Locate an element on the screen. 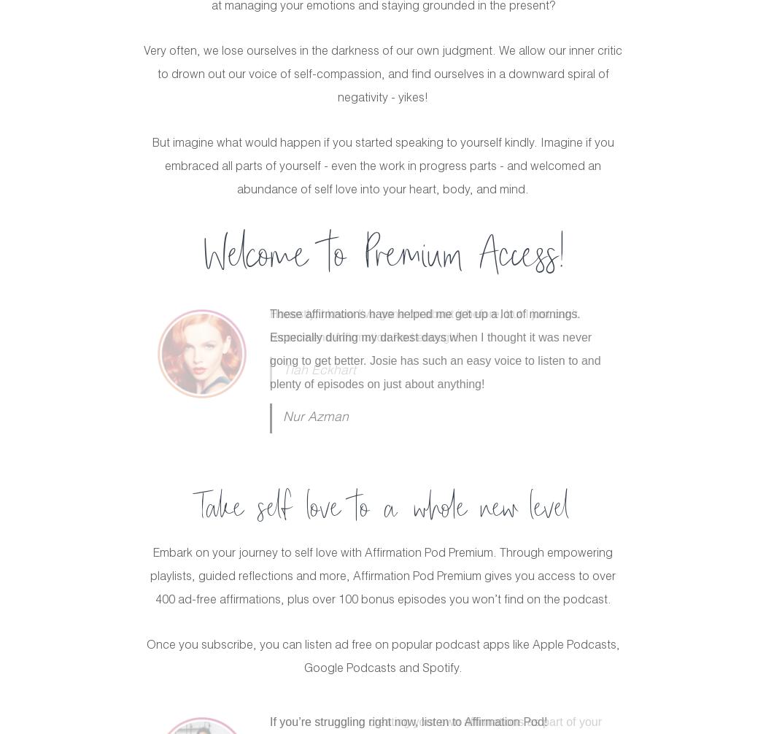  'These affirmations have helped me get up a lot of mornings. Especially during my darkest days when I thought it was never going to get better. Josie has such an easy voice to listen to and plenty of episodes on just about anything!' is located at coordinates (434, 348).